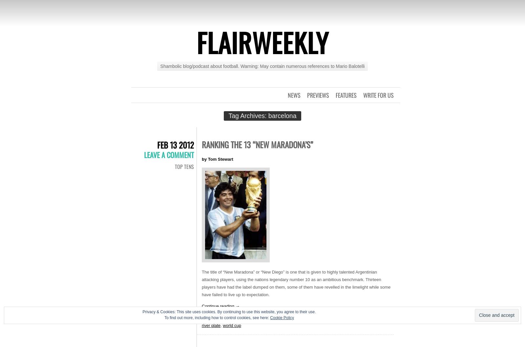 The height and width of the screenshot is (347, 525). Describe the element at coordinates (262, 42) in the screenshot. I see `'FlairWeekly'` at that location.